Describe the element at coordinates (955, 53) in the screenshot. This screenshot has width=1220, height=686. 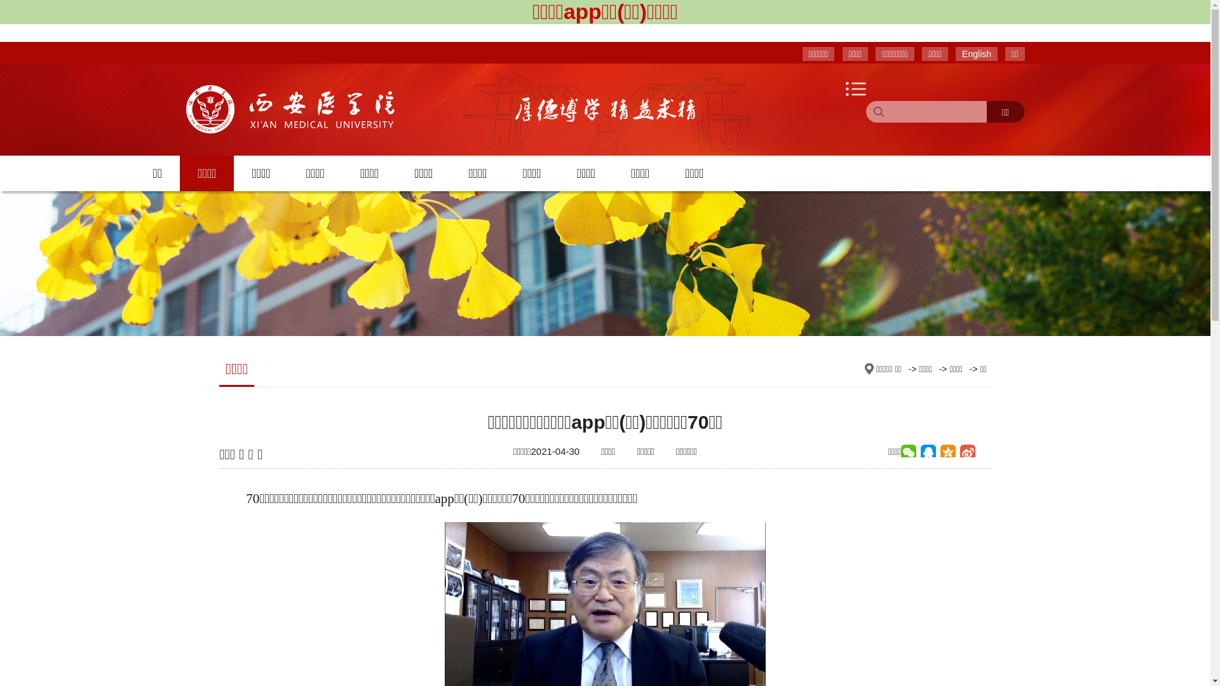
I see `'English'` at that location.